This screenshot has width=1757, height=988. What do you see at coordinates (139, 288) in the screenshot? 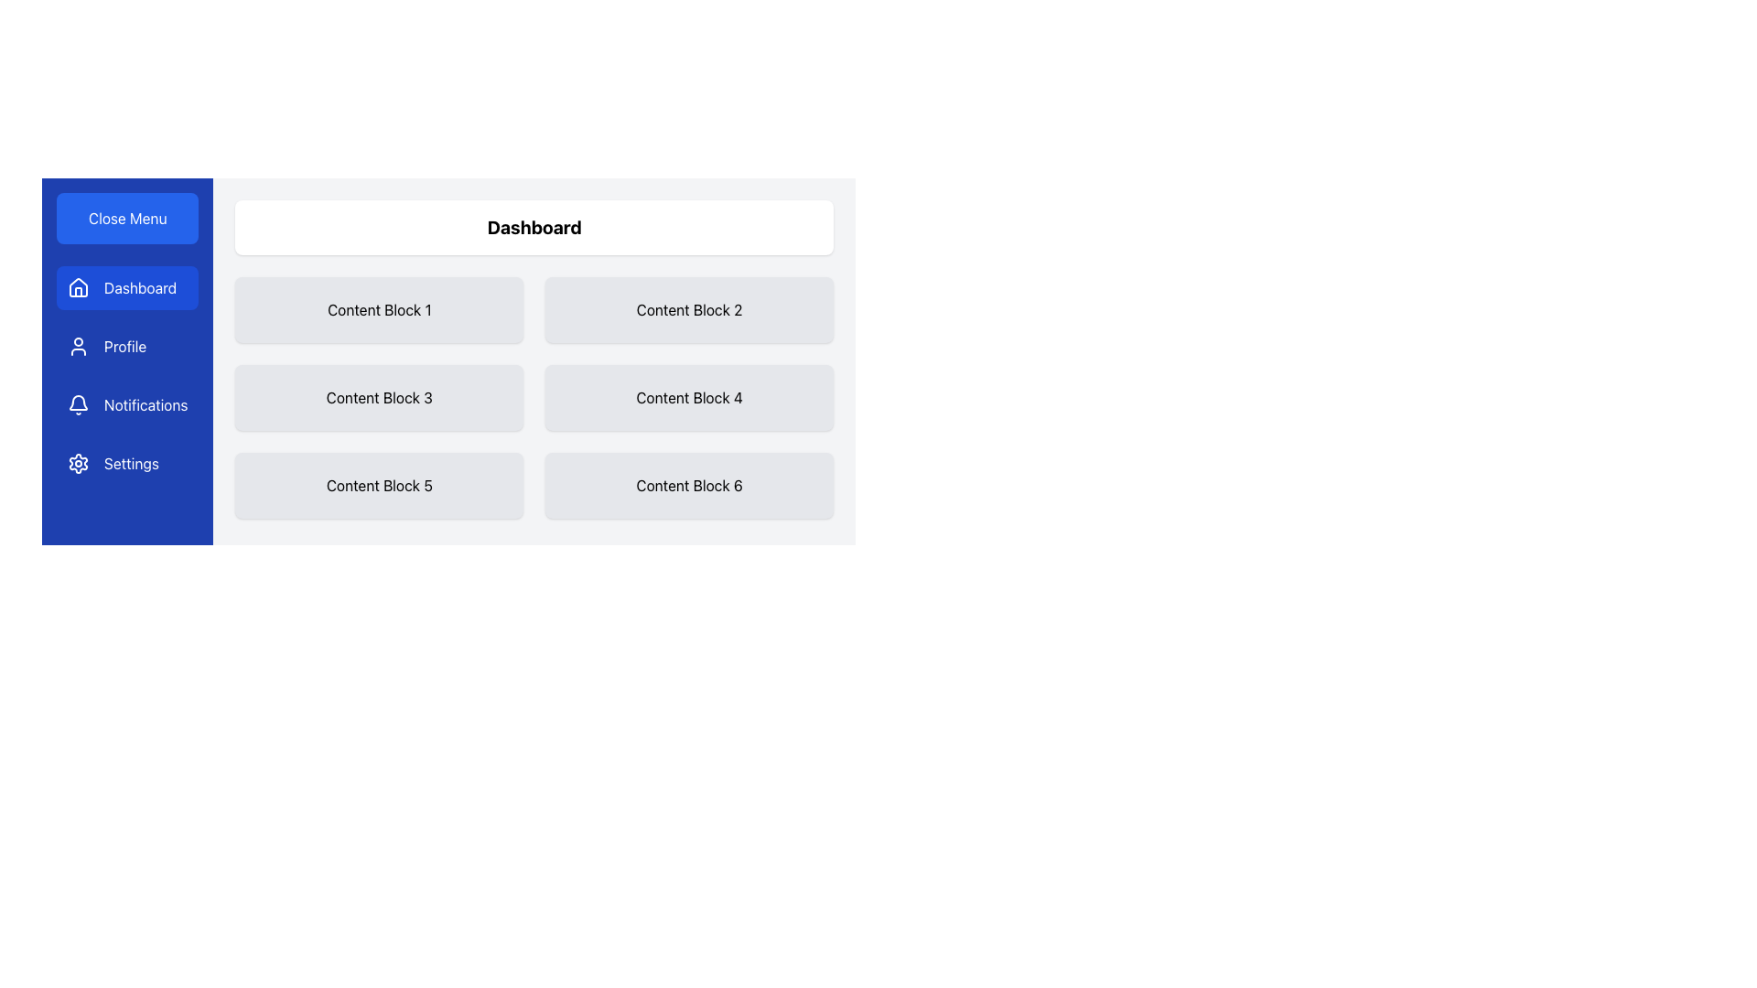
I see `the label element that serves as a descriptor for the corresponding menu item, located after a house icon and being the first textual item in its group` at bounding box center [139, 288].